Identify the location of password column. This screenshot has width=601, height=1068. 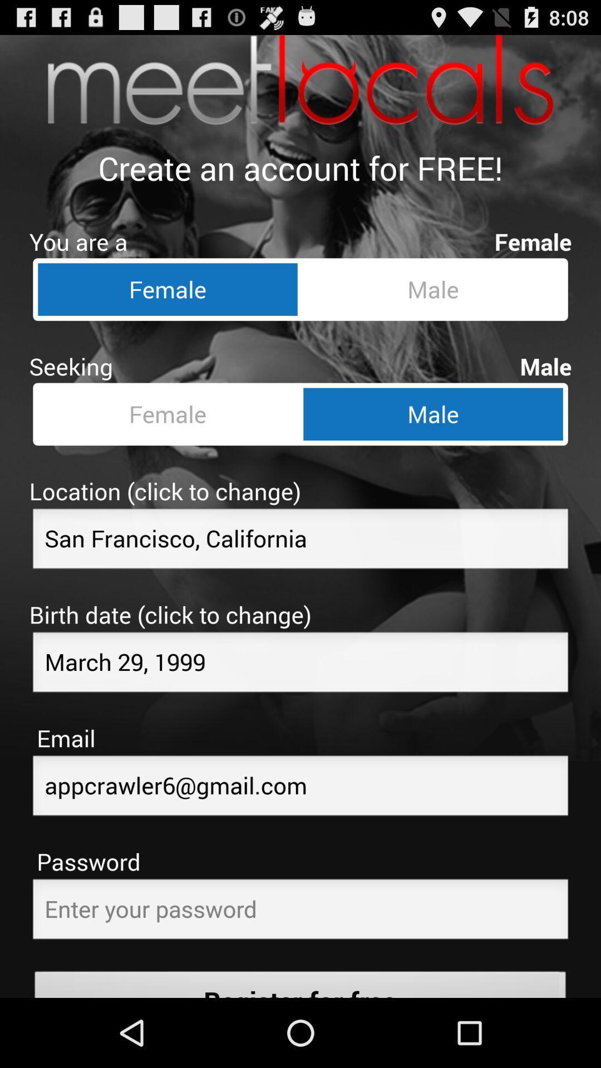
(300, 912).